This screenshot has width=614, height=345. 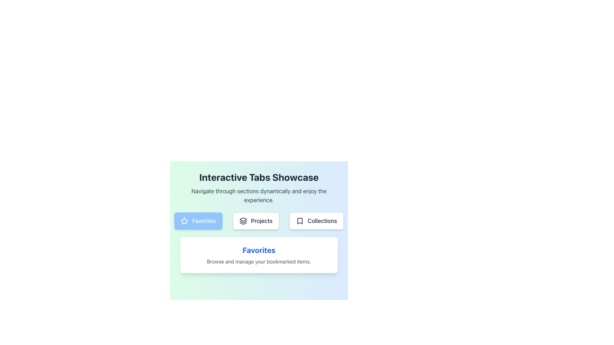 What do you see at coordinates (184, 220) in the screenshot?
I see `the star icon within the 'Favorites' button to perform additional actions` at bounding box center [184, 220].